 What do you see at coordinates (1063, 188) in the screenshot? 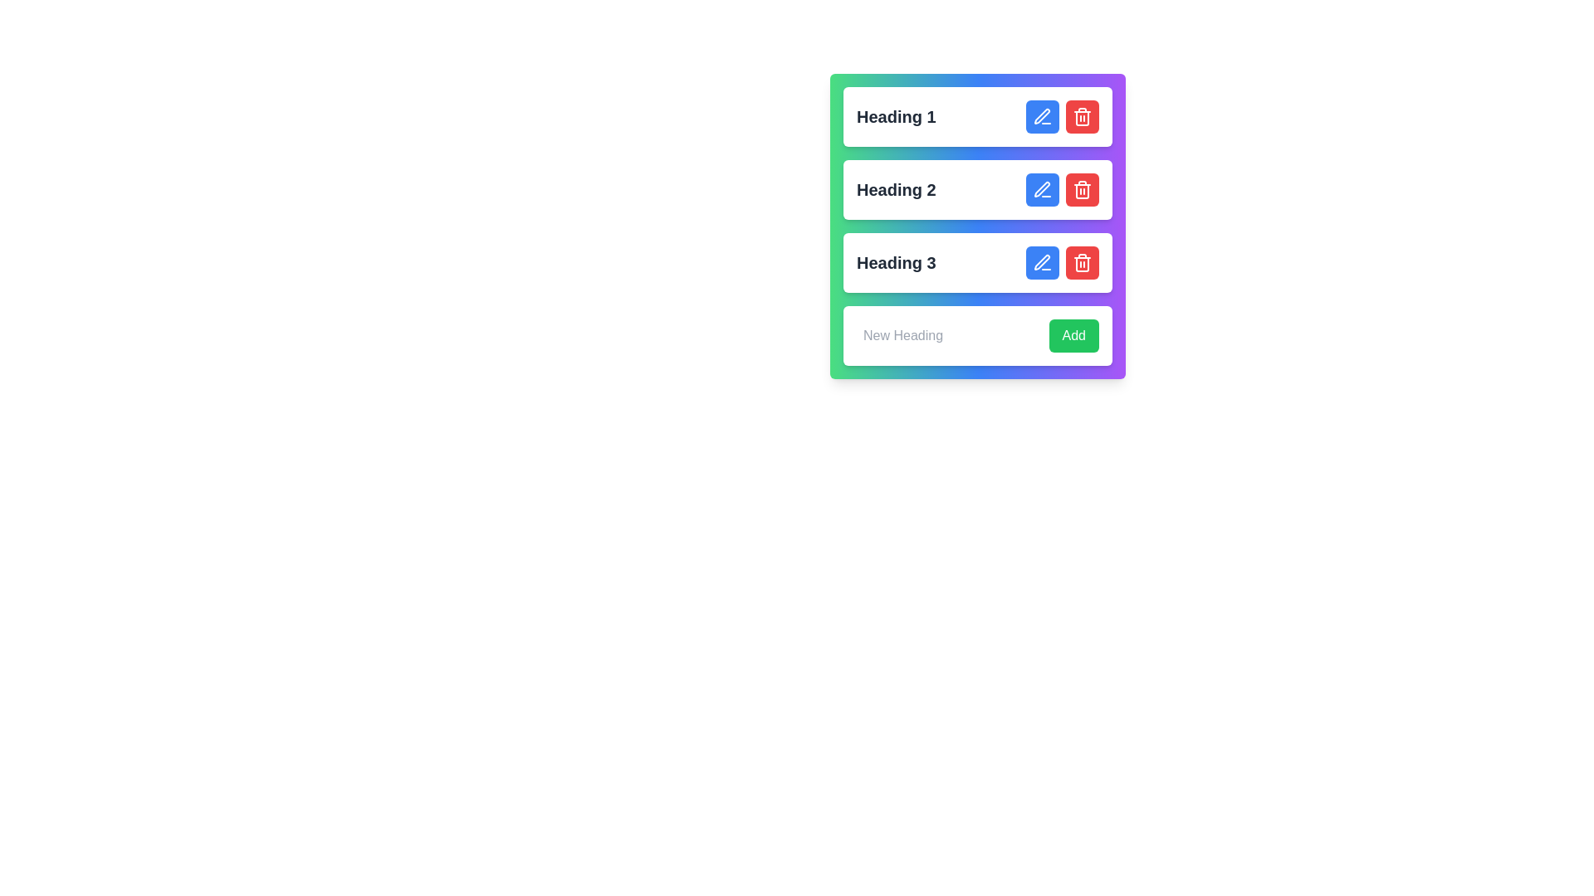
I see `the blue button with a pen icon` at bounding box center [1063, 188].